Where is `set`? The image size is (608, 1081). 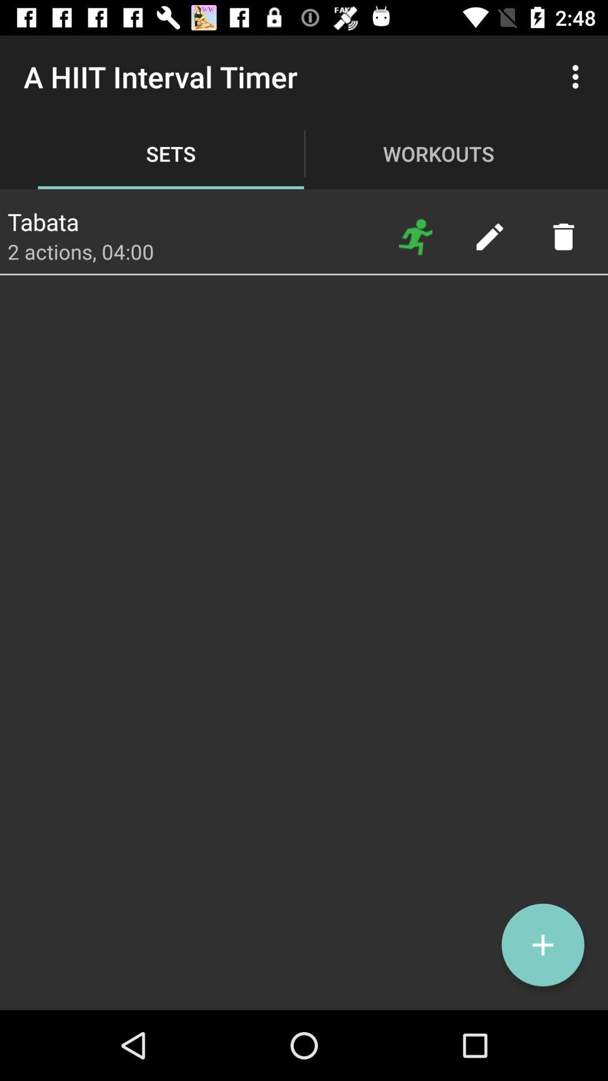
set is located at coordinates (542, 945).